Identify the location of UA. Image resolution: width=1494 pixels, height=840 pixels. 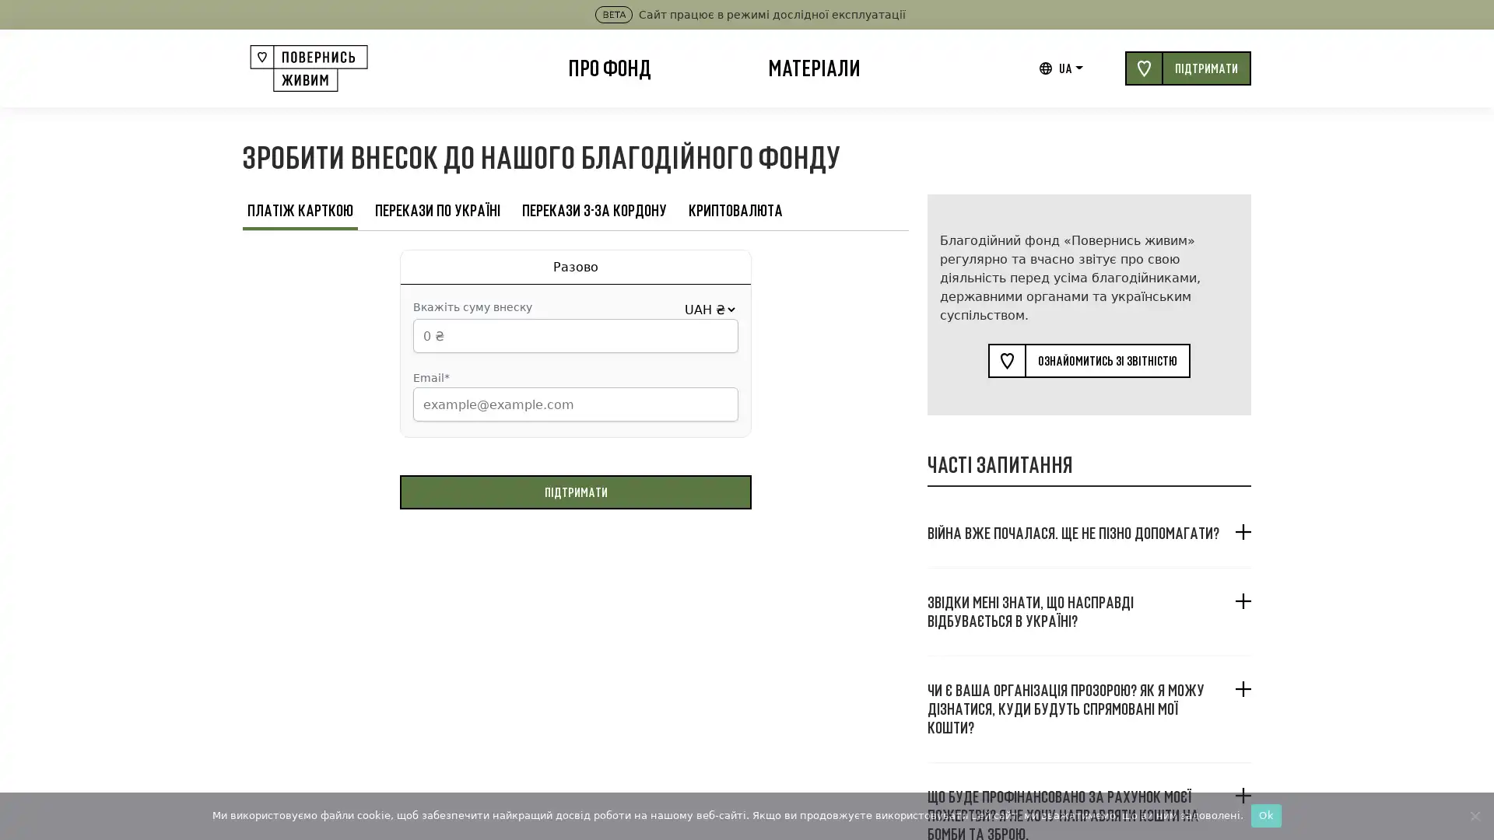
(1070, 68).